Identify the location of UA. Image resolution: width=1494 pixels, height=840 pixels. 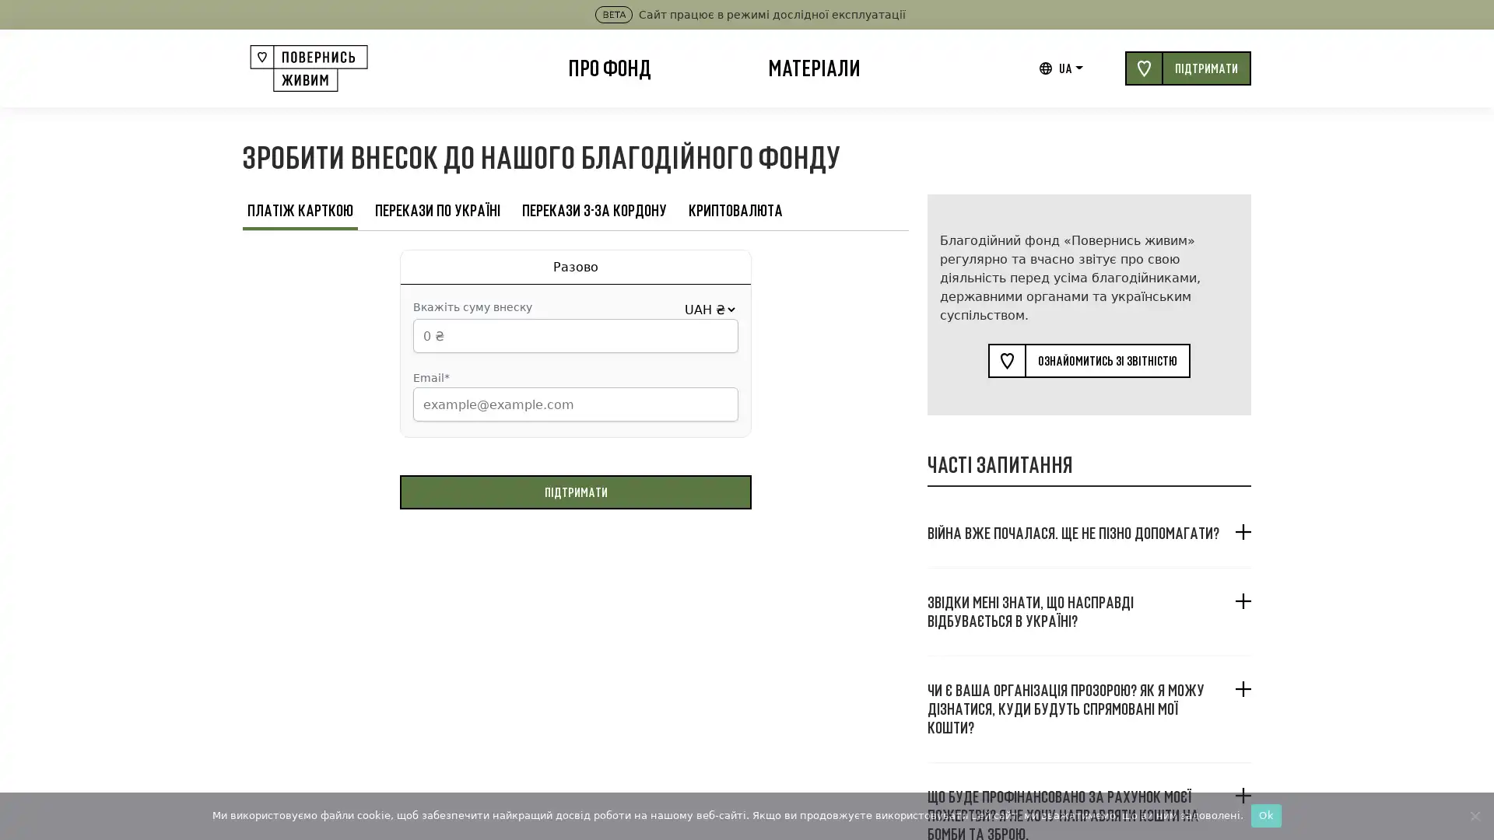
(1070, 68).